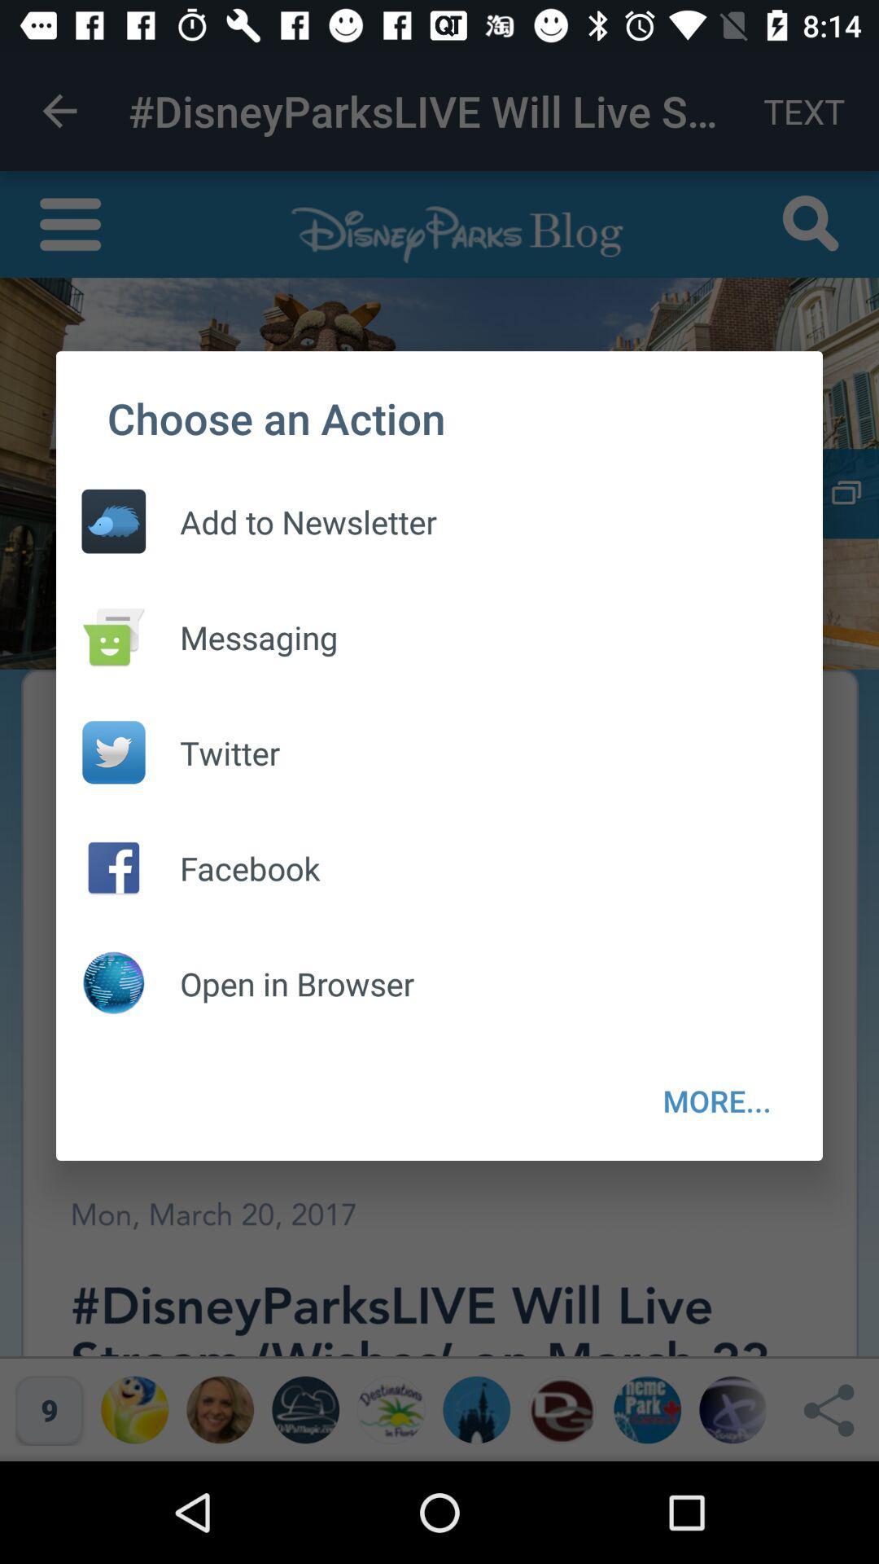 The height and width of the screenshot is (1564, 879). I want to click on twitter item, so click(212, 752).